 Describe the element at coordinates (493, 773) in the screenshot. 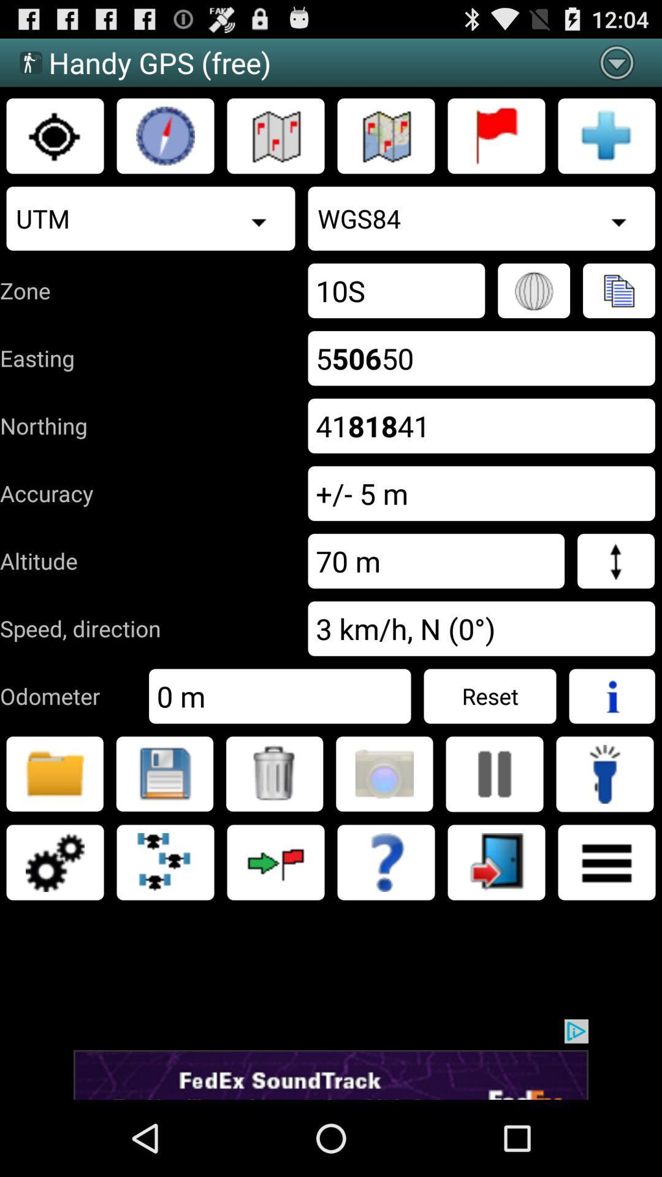

I see `aligns beer vertically` at that location.